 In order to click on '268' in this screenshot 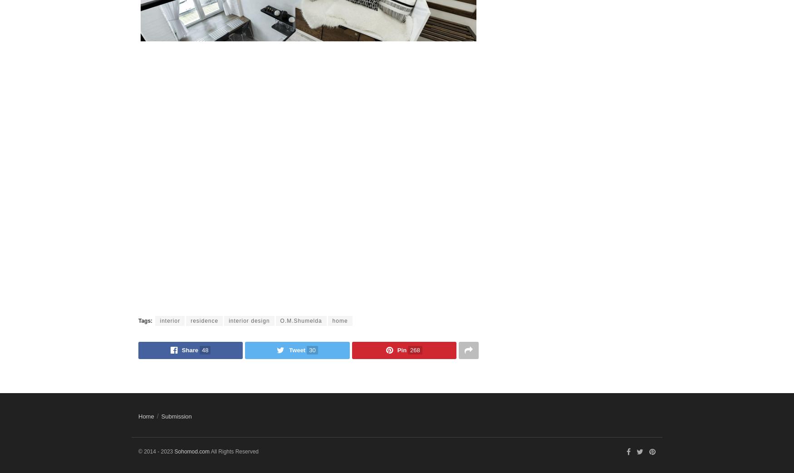, I will do `click(414, 349)`.